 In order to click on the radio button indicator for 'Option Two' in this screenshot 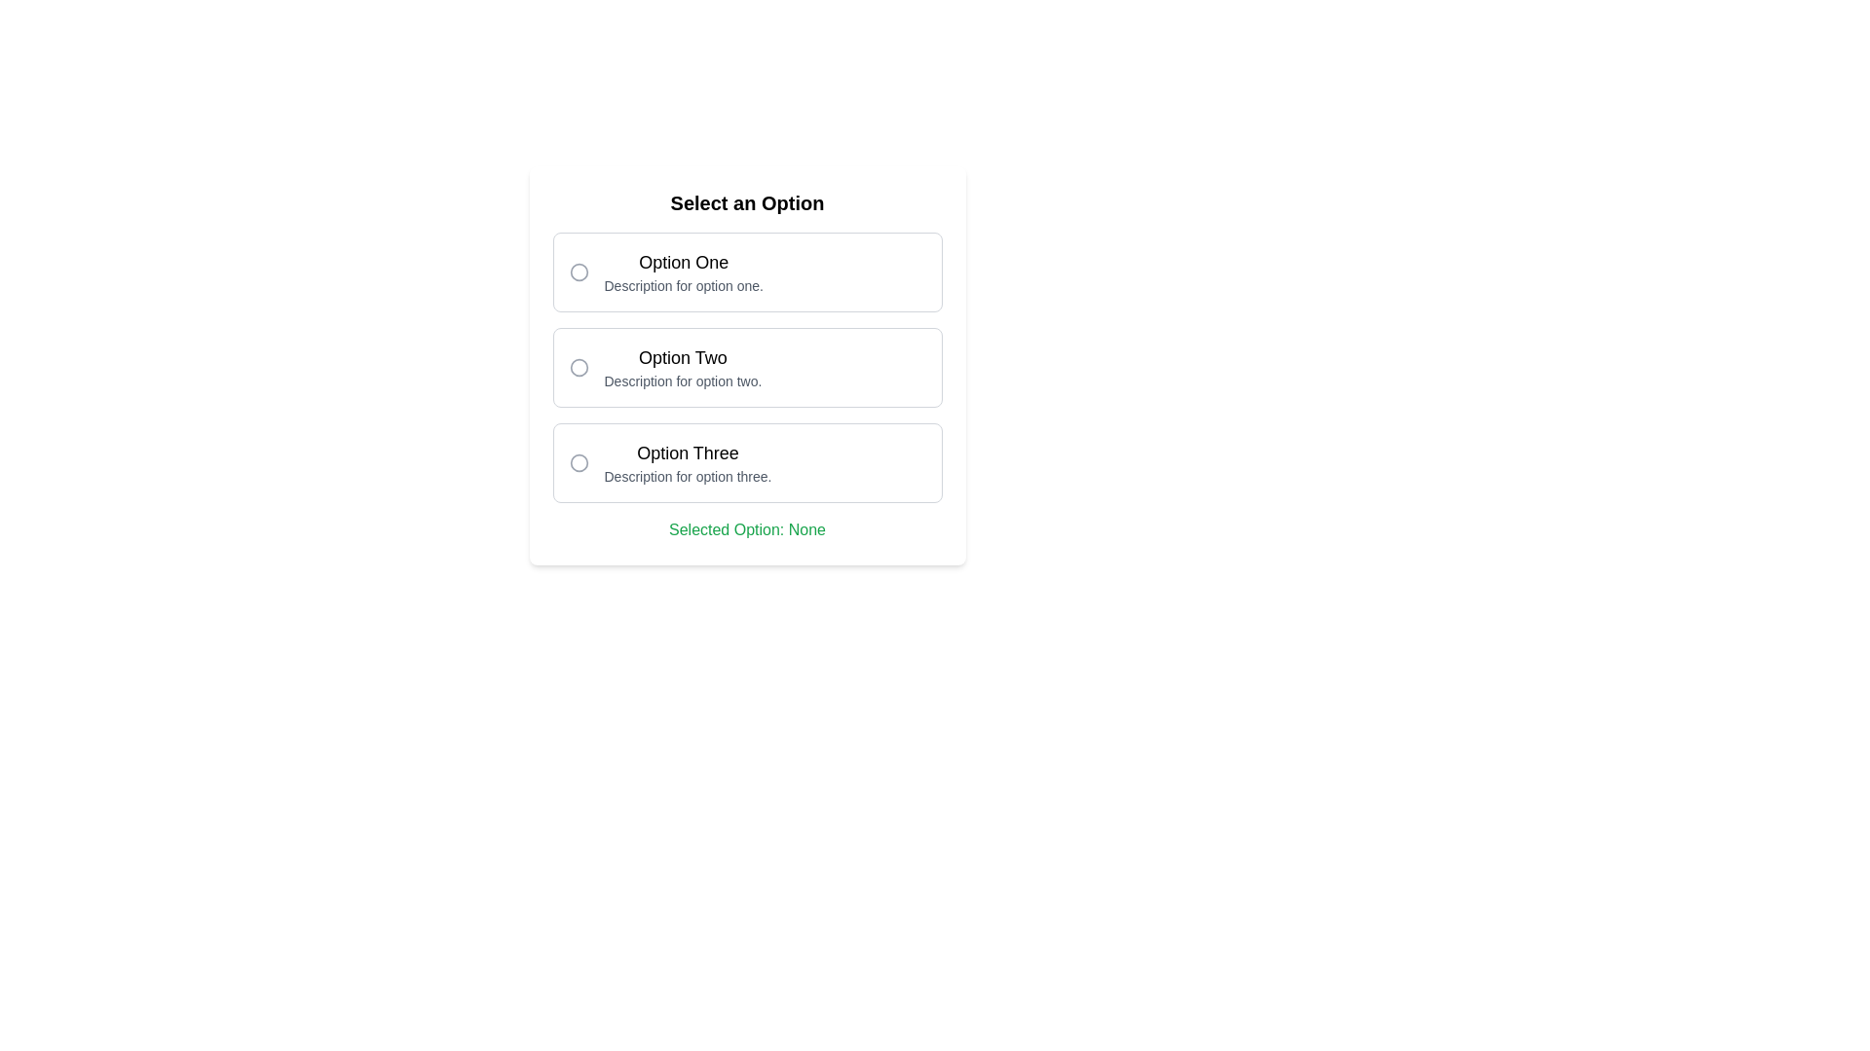, I will do `click(578, 368)`.